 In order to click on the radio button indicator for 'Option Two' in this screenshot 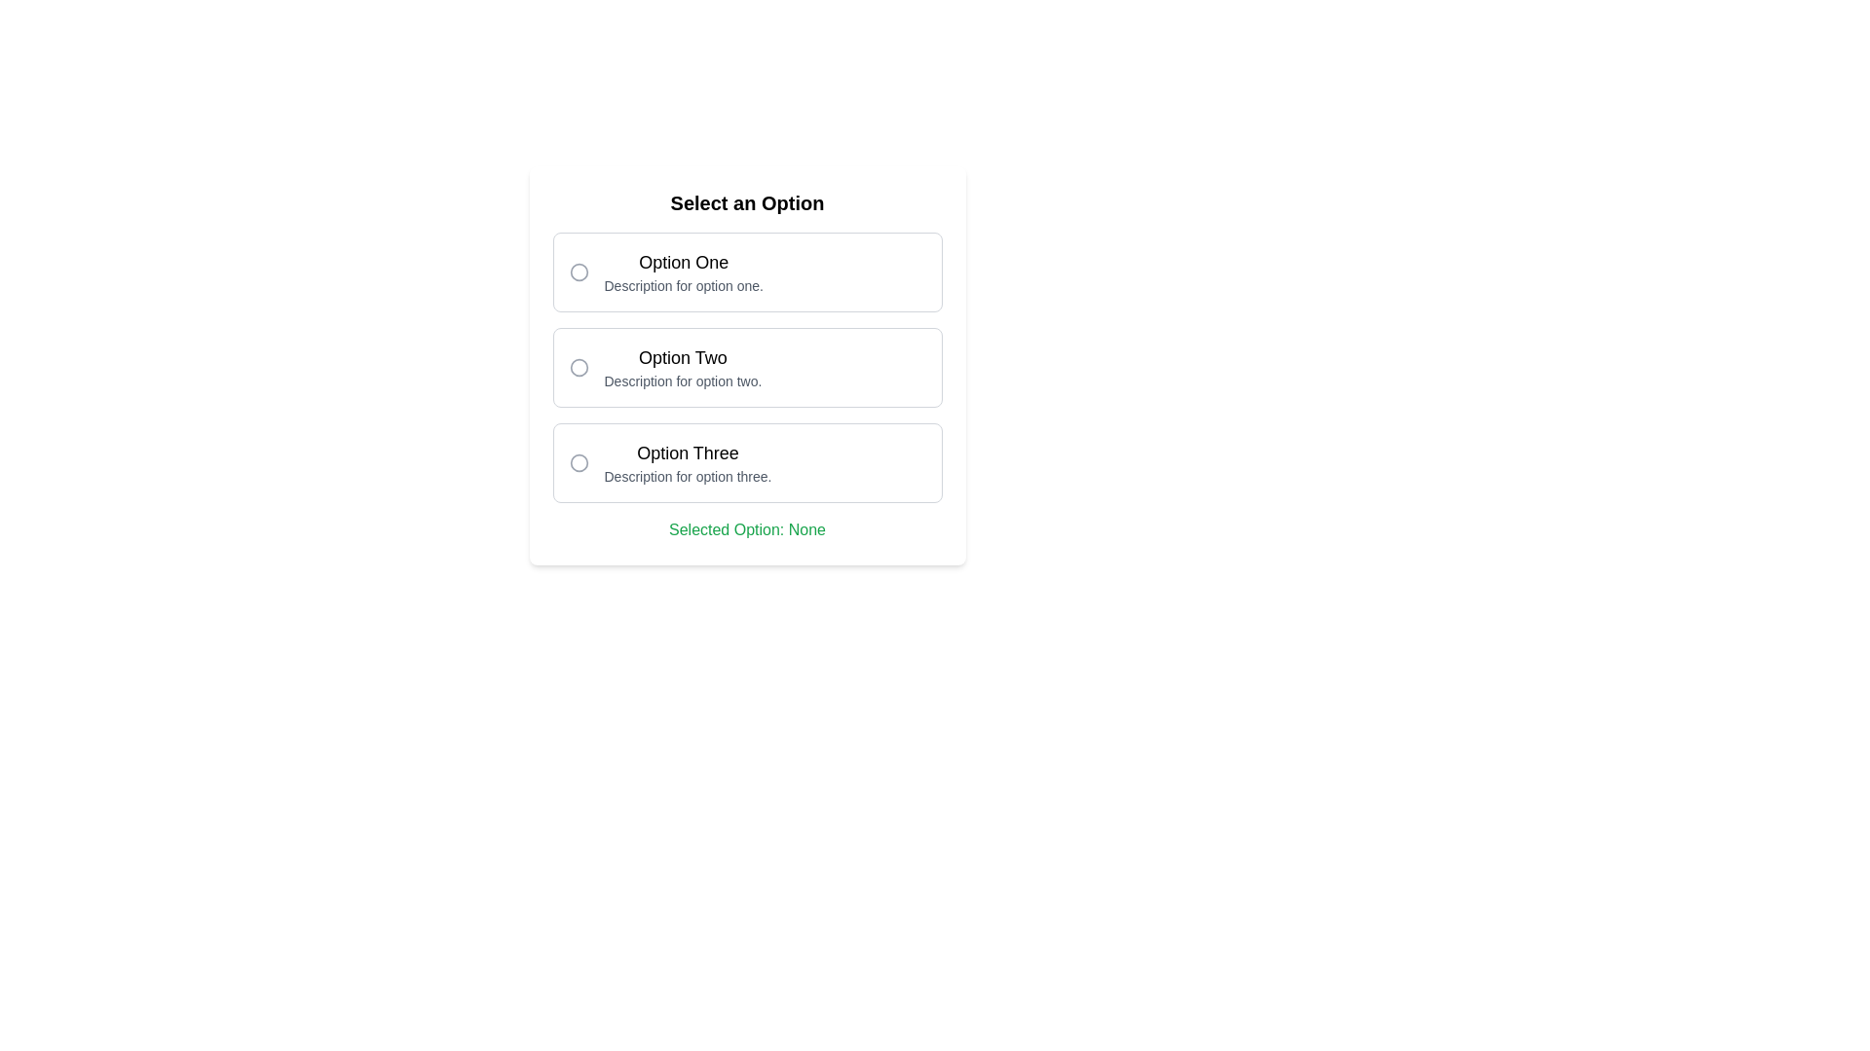, I will do `click(578, 368)`.